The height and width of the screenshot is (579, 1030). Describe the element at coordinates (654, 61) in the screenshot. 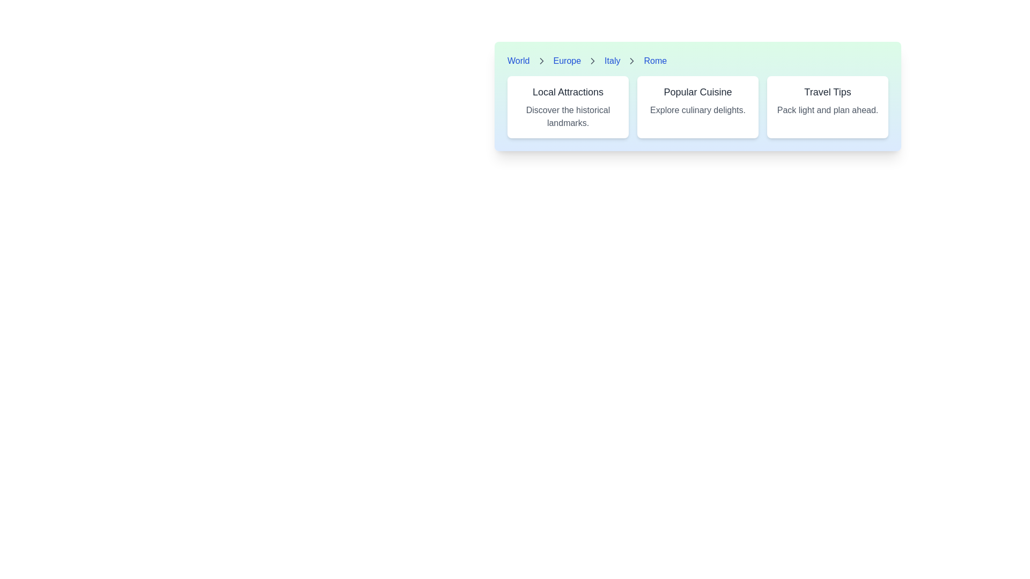

I see `the 'Rome' hyperlink text in the breadcrumb navigation` at that location.